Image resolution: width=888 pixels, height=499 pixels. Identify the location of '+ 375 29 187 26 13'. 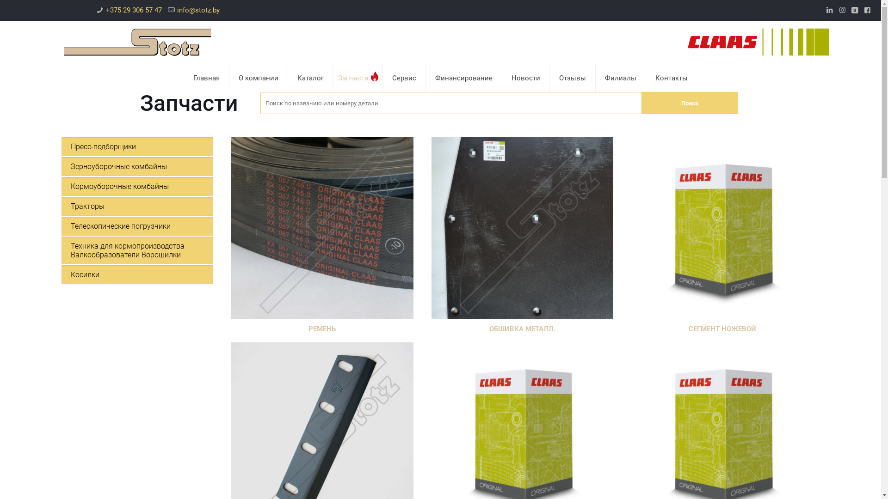
(611, 392).